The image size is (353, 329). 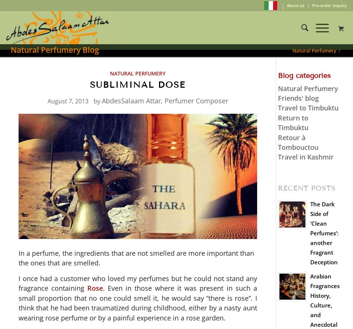 What do you see at coordinates (307, 107) in the screenshot?
I see `'Travel to Timbuktu'` at bounding box center [307, 107].